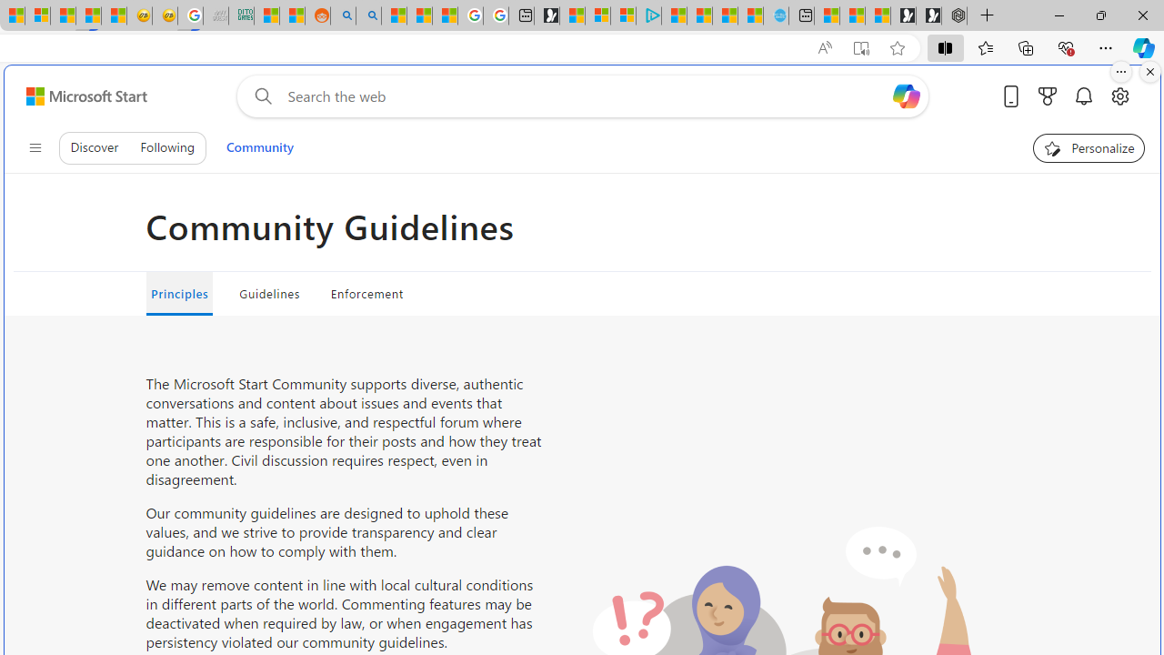 The width and height of the screenshot is (1164, 655). I want to click on 'Personalize your feed"', so click(1089, 147).